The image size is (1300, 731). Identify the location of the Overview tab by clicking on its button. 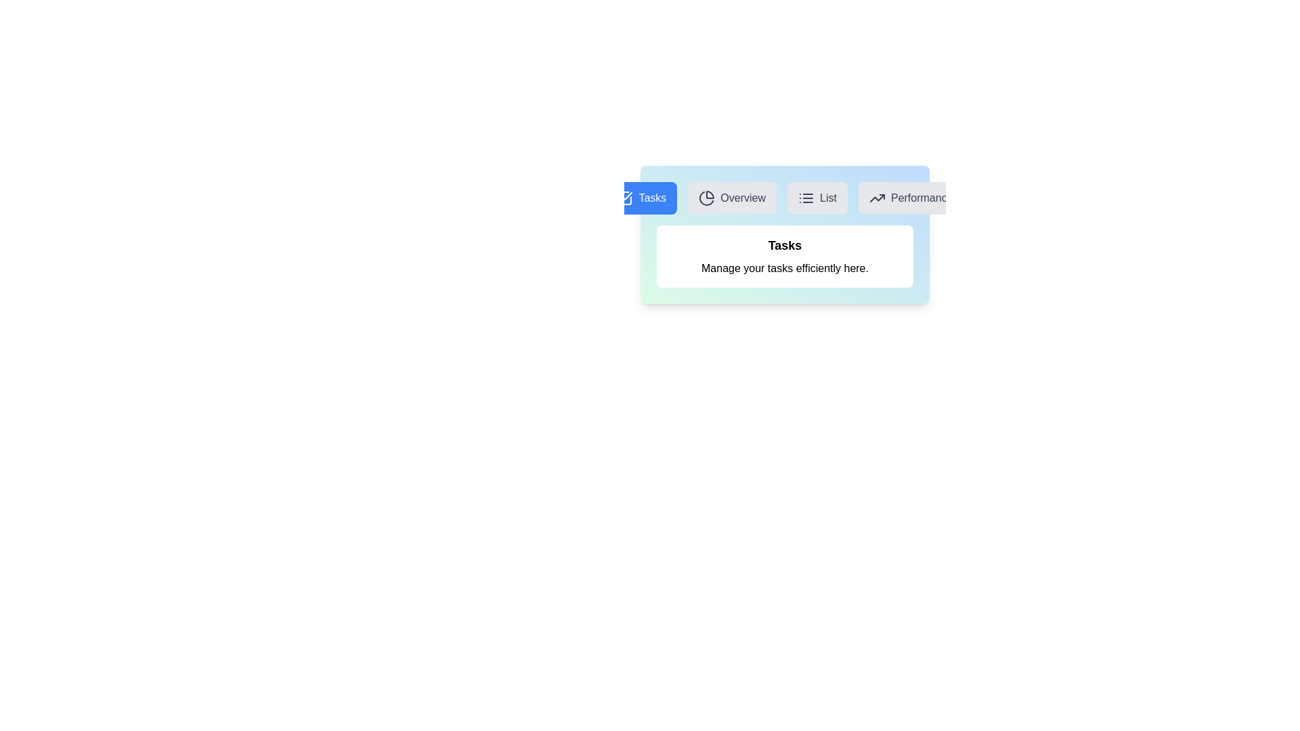
(731, 198).